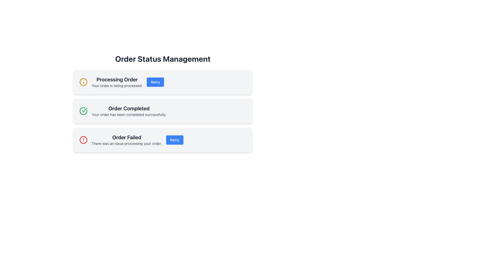 Image resolution: width=496 pixels, height=279 pixels. I want to click on the 'Order Failed' text header, which is a bold, centrally aligned label indicating the status of an order under 'Order Status Management', so click(127, 137).